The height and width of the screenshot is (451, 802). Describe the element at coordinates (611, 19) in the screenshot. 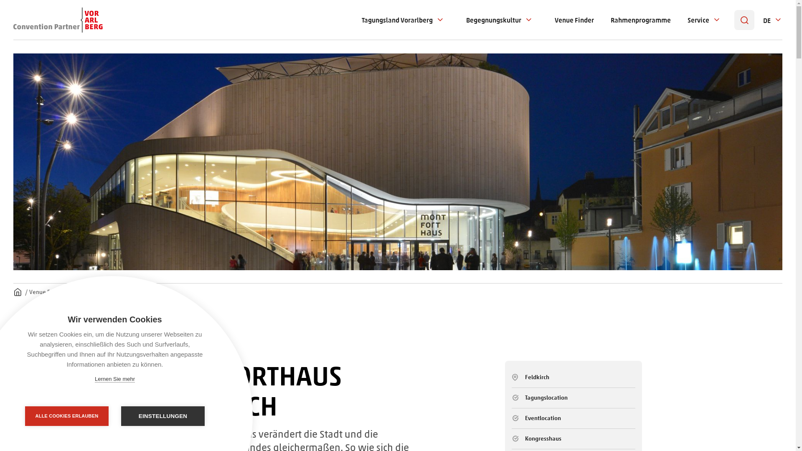

I see `'Rahmenprogramme'` at that location.